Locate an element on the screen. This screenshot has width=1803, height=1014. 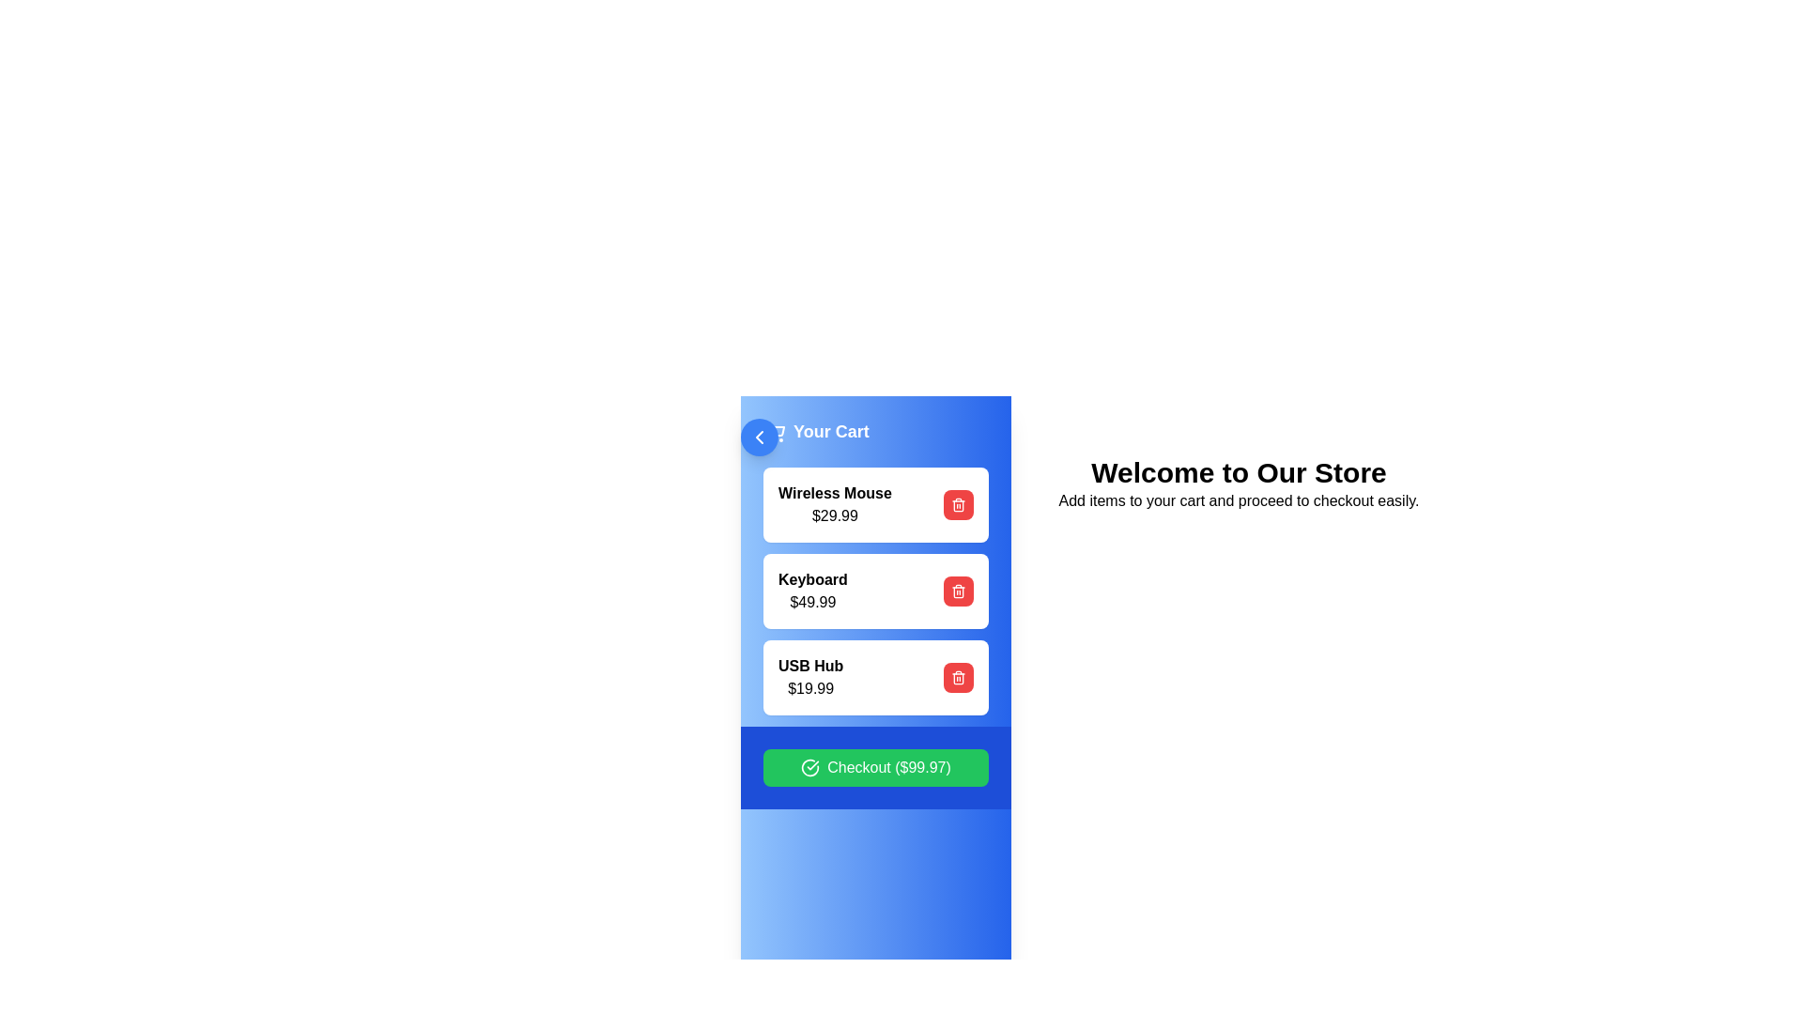
the text heading that displays 'Welcome to Our Store', which is a bold and large-size font element positioned above a paragraph is located at coordinates (1239, 472).